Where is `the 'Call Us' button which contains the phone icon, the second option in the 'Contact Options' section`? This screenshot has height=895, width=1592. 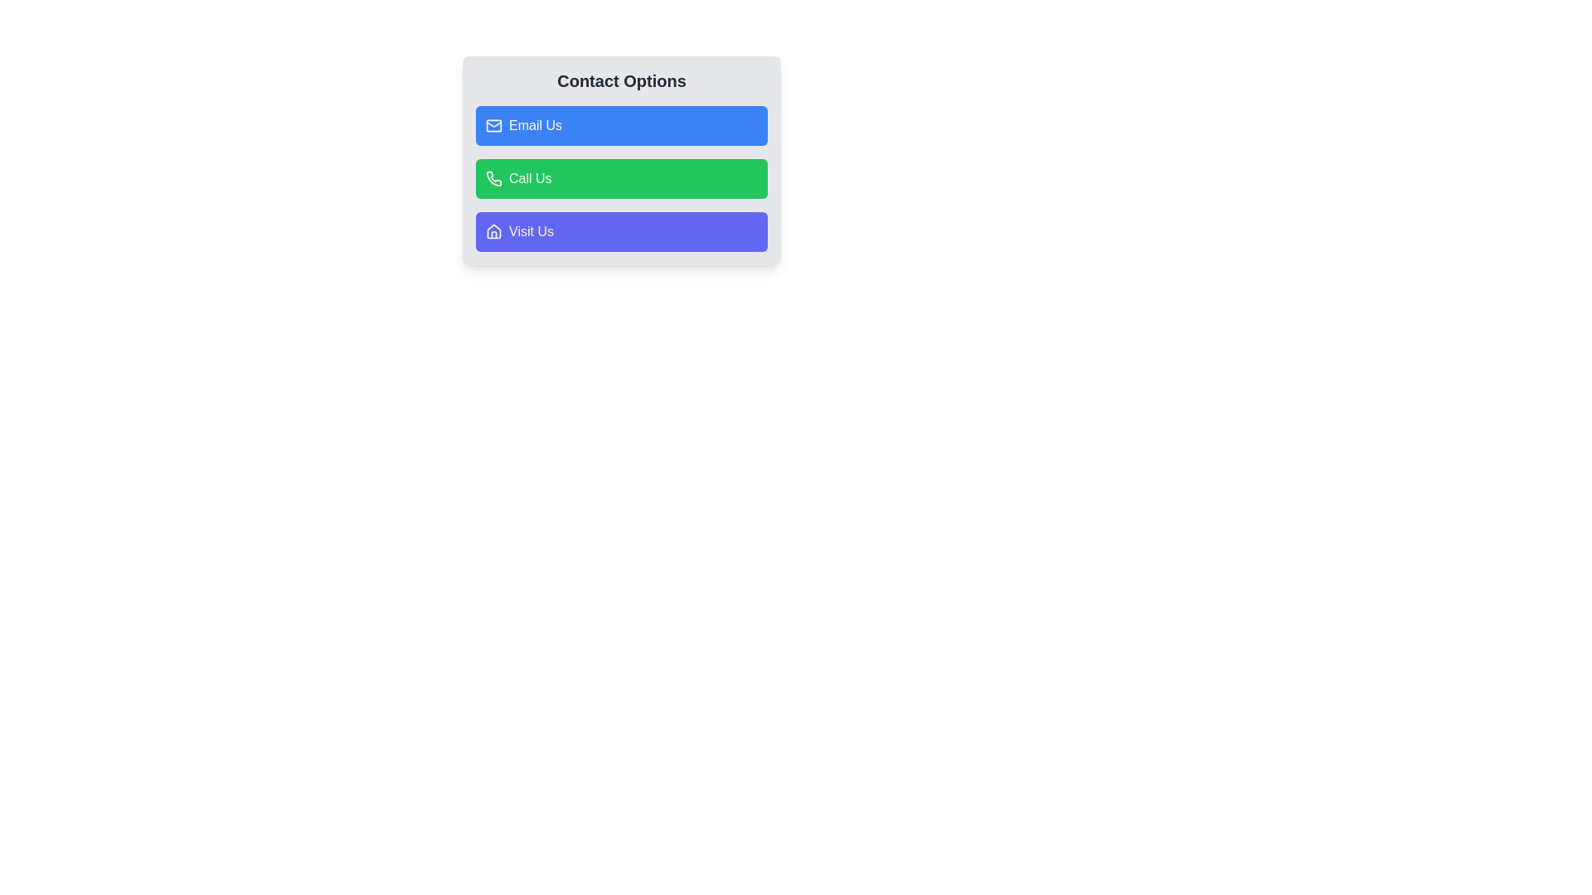 the 'Call Us' button which contains the phone icon, the second option in the 'Contact Options' section is located at coordinates (493, 178).